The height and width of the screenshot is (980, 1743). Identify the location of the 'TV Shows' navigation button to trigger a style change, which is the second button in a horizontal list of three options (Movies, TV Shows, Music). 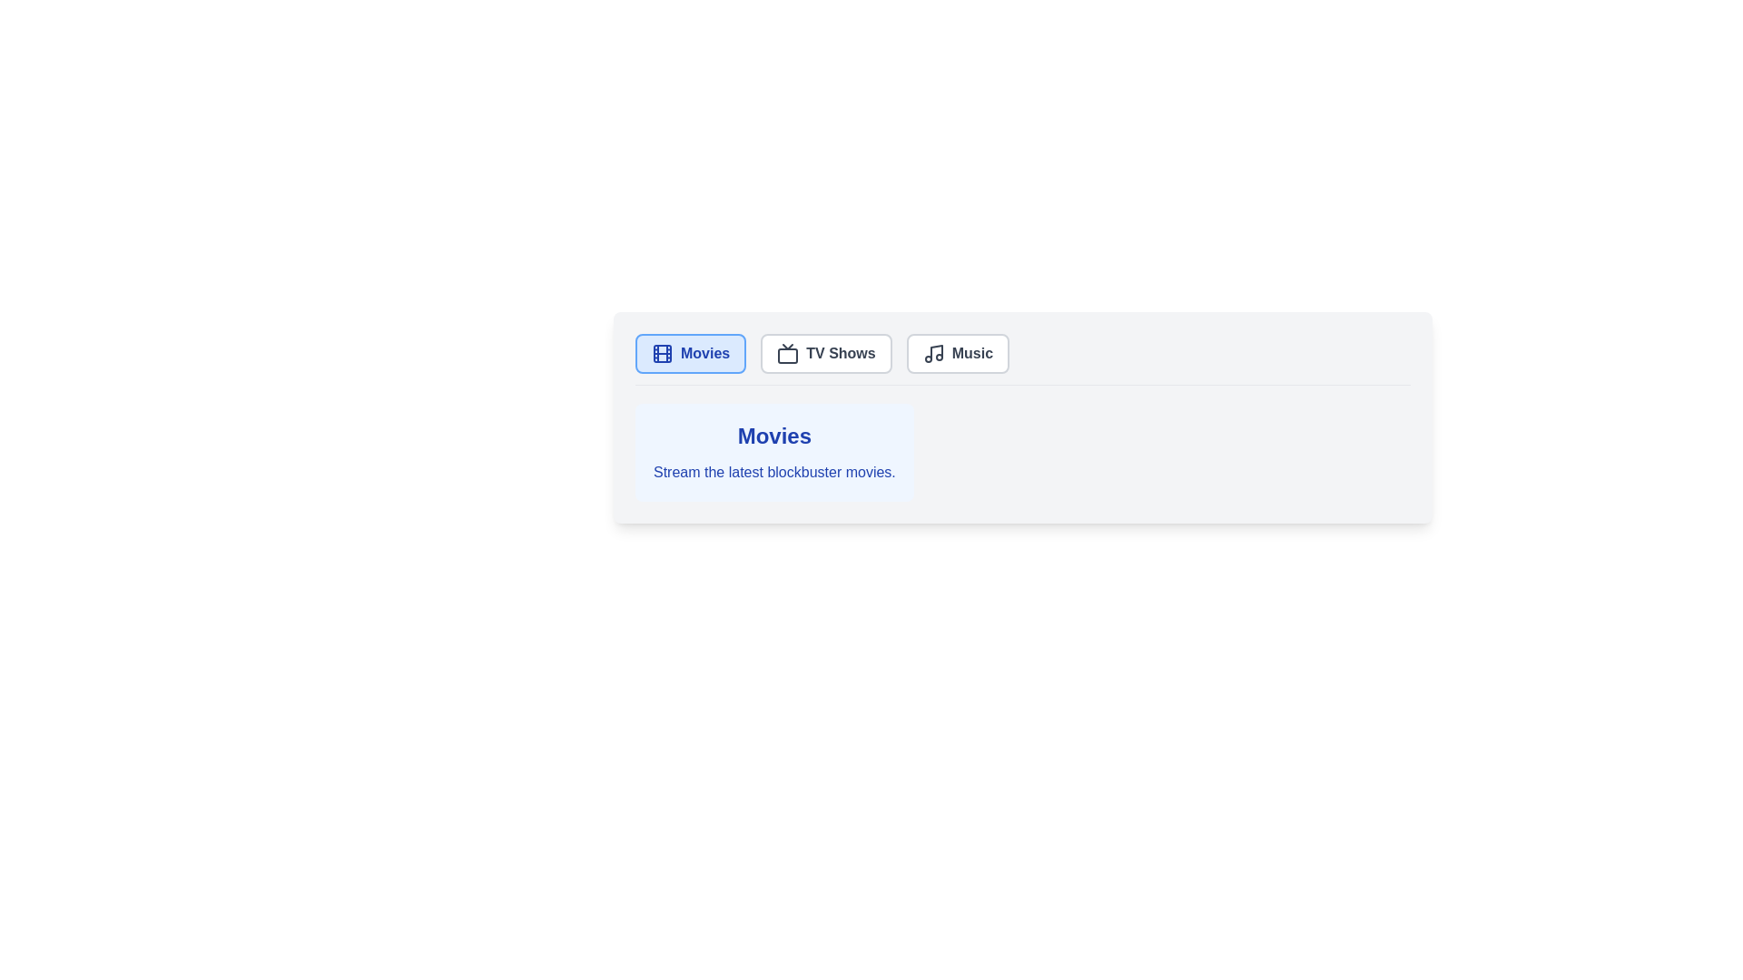
(825, 353).